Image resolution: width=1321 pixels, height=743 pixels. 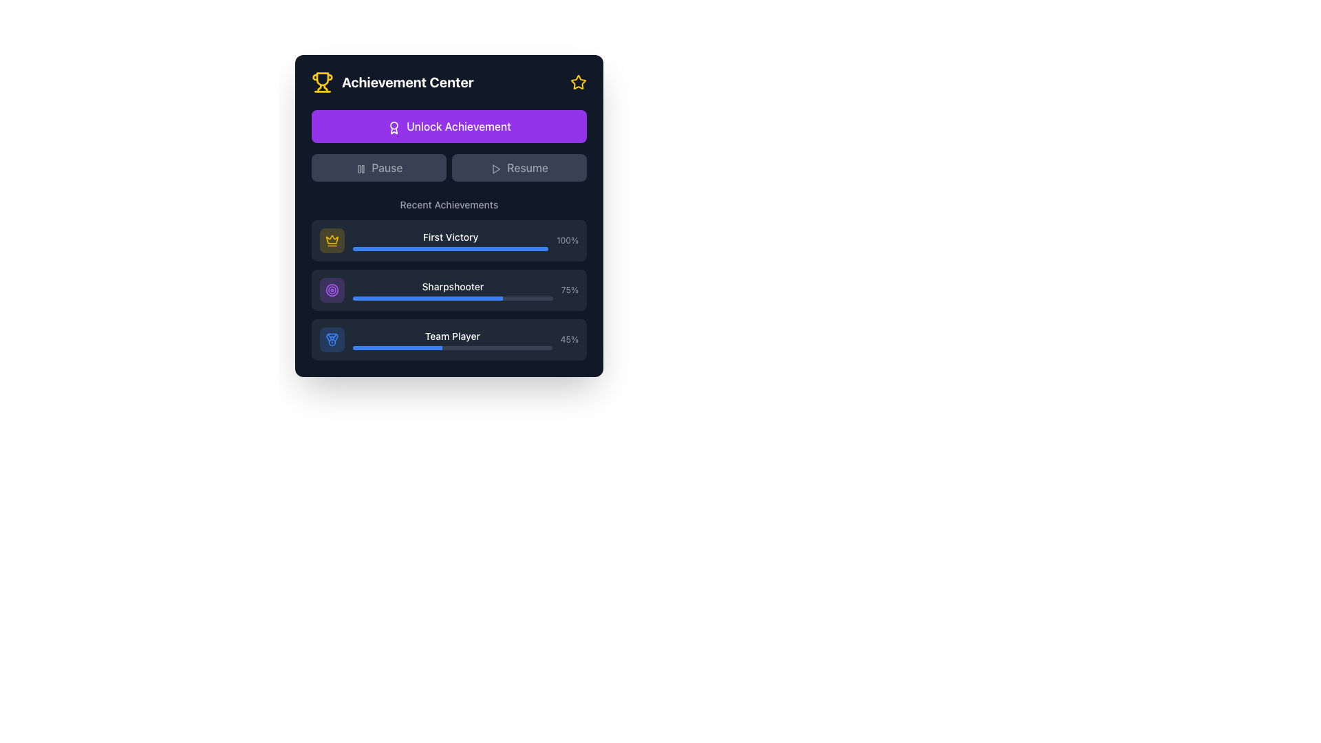 What do you see at coordinates (332, 240) in the screenshot?
I see `the crown icon representing the 'First Victory' achievement in the 'Recent Achievements' section` at bounding box center [332, 240].